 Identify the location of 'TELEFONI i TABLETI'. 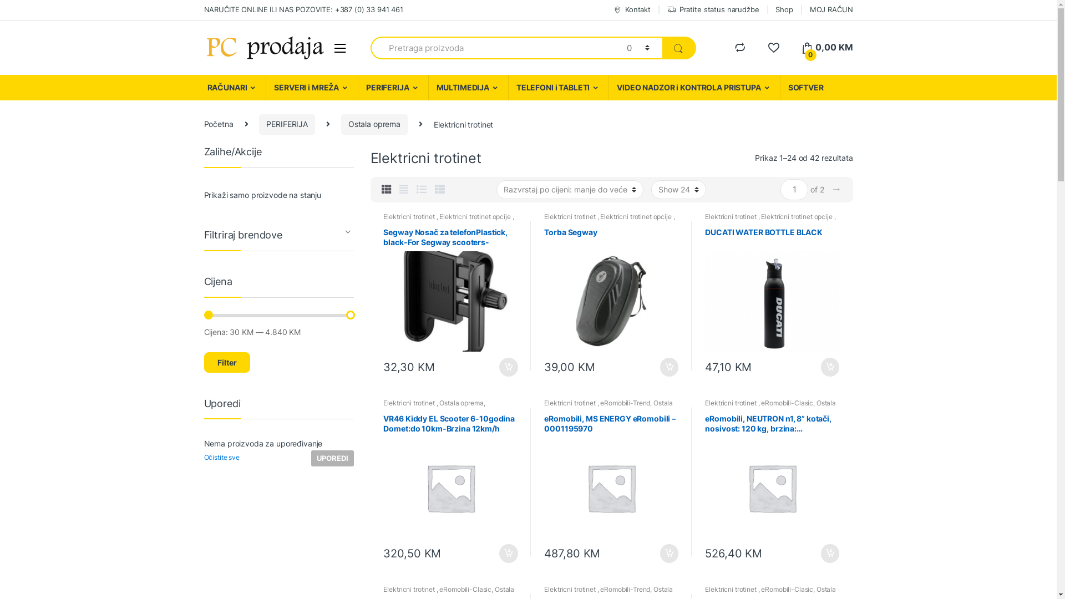
(558, 87).